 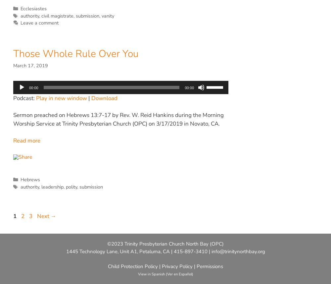 I want to click on 'Podcast:', so click(x=24, y=98).